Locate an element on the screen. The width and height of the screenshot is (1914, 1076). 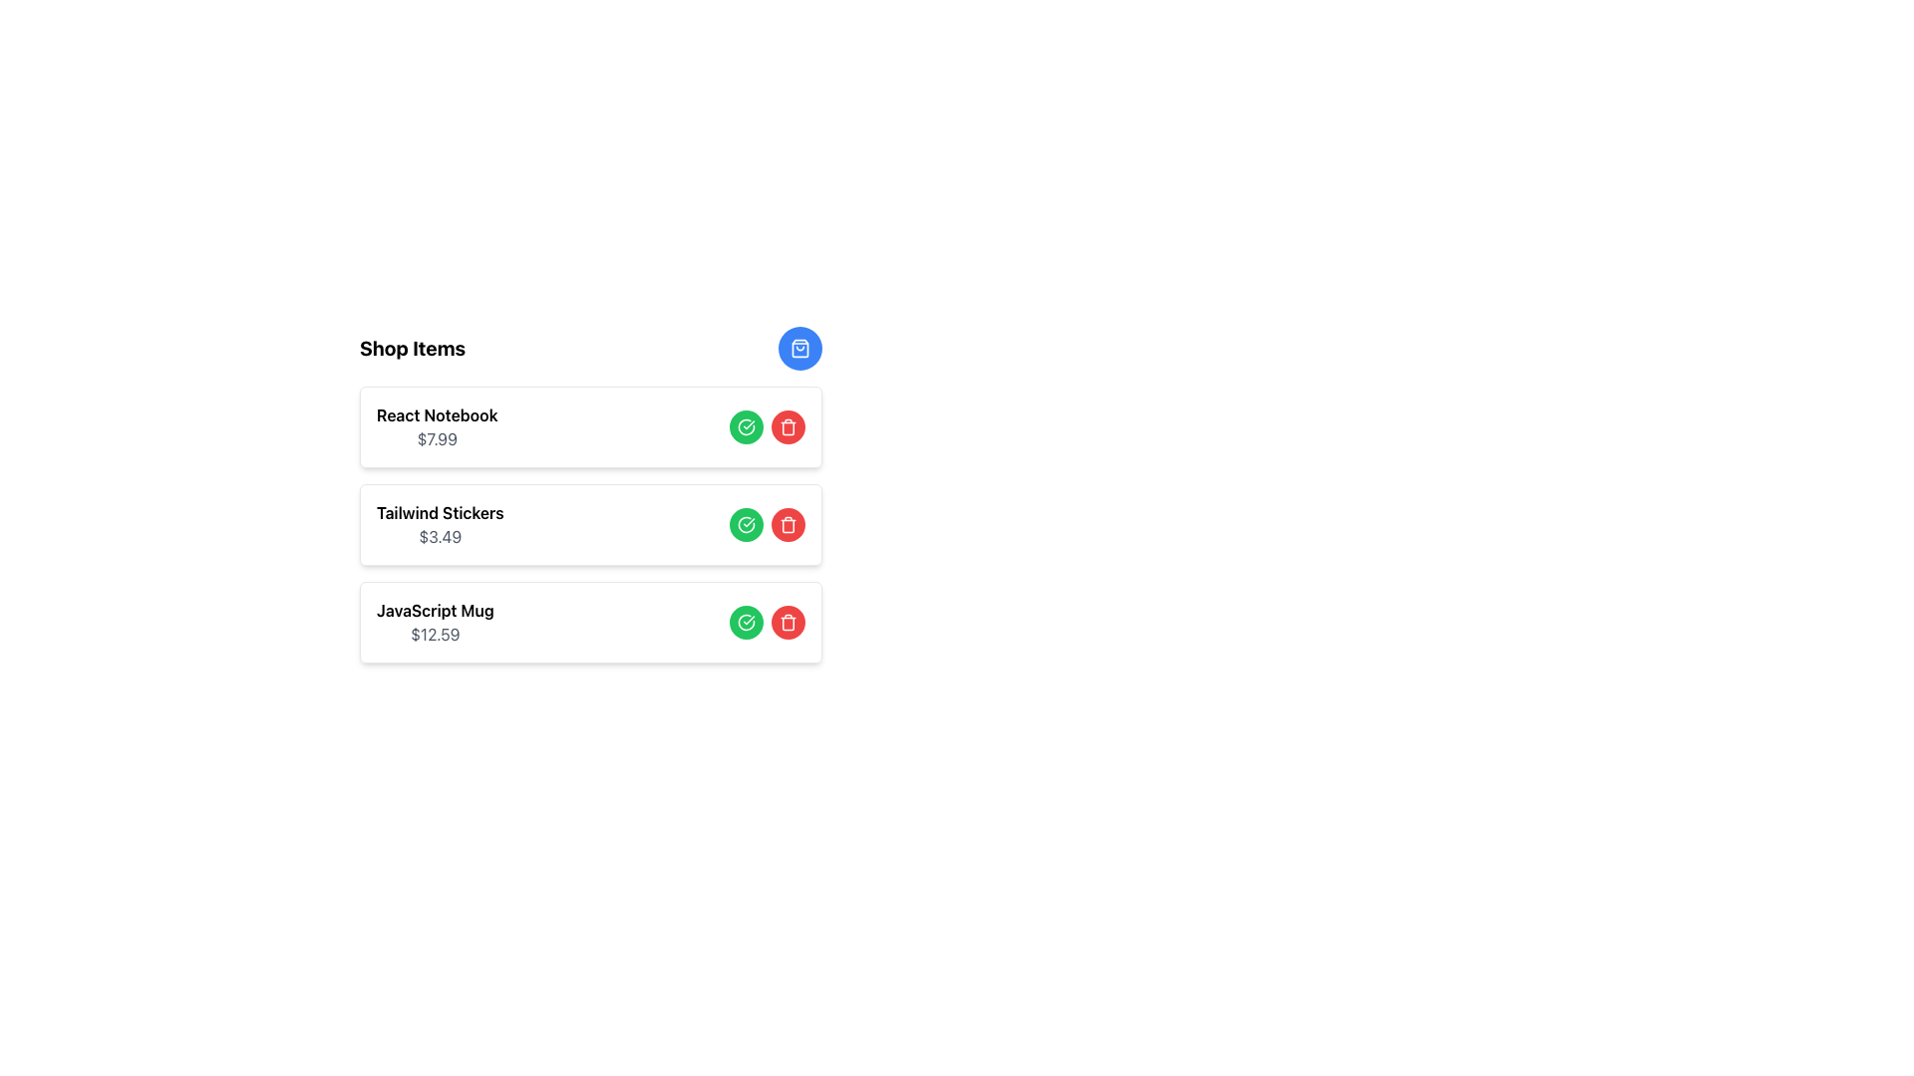
the first green circular button to mark the 'React Notebook' item as completed for keyboard navigation is located at coordinates (745, 425).